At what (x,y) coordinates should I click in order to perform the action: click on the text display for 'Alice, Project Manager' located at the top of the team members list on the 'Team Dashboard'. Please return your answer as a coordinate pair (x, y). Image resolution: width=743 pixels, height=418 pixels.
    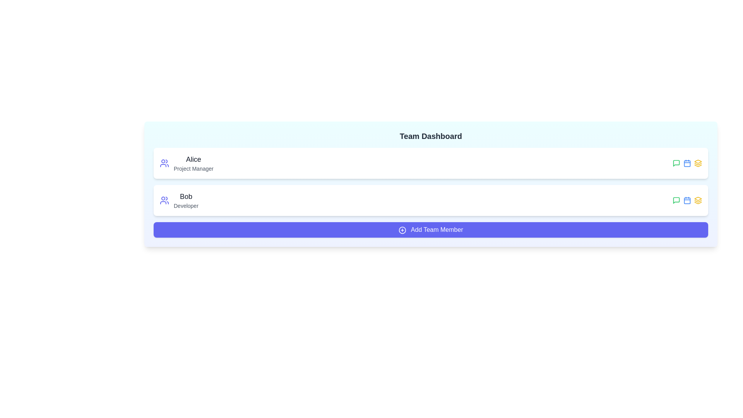
    Looking at the image, I should click on (193, 163).